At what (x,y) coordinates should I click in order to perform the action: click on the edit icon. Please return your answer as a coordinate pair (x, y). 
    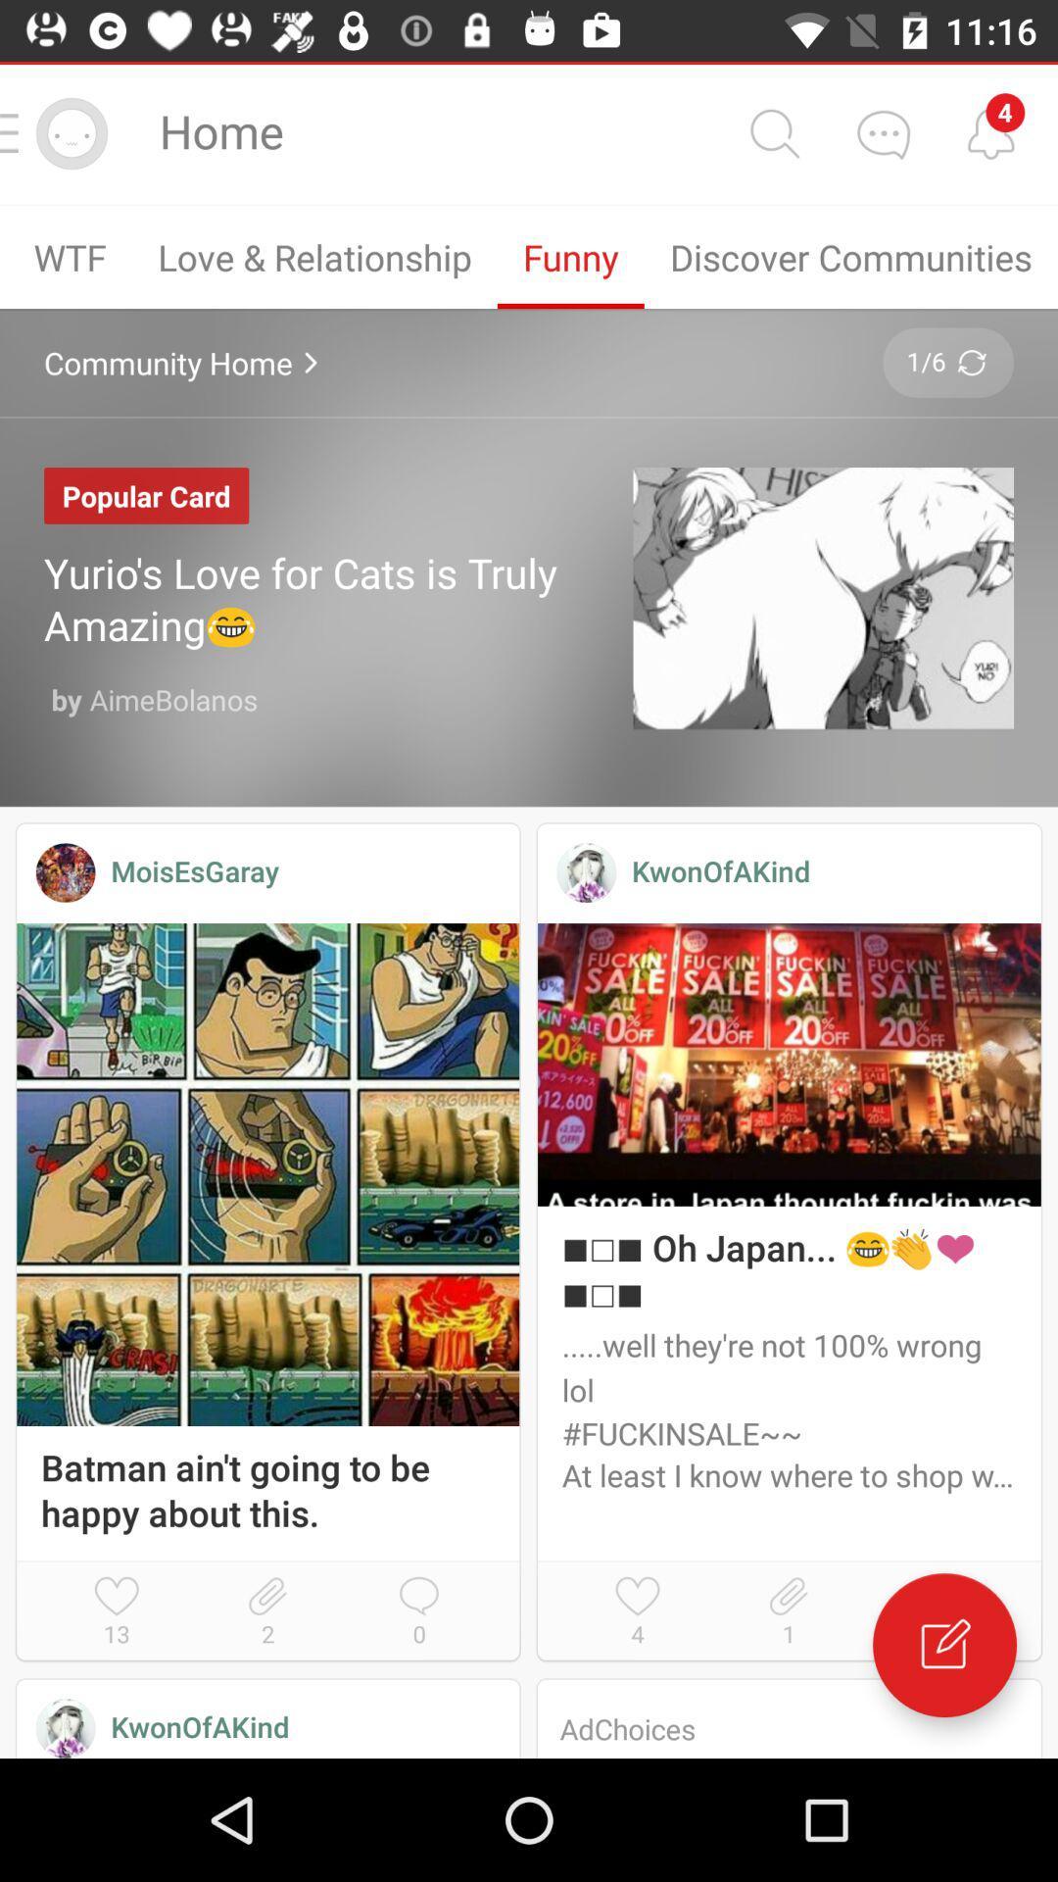
    Looking at the image, I should click on (943, 1645).